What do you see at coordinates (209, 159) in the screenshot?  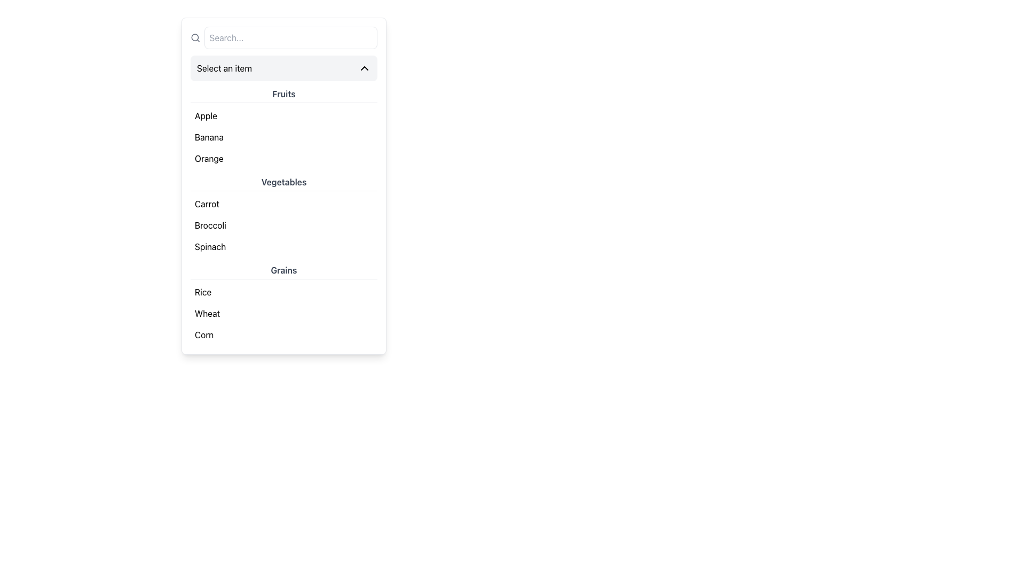 I see `the 'Orange' text label in the dropdown menu` at bounding box center [209, 159].